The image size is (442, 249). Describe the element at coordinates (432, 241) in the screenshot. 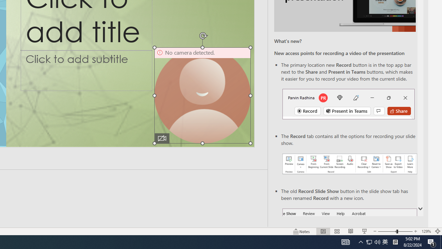

I see `'Action Center, 1 new notification'` at that location.